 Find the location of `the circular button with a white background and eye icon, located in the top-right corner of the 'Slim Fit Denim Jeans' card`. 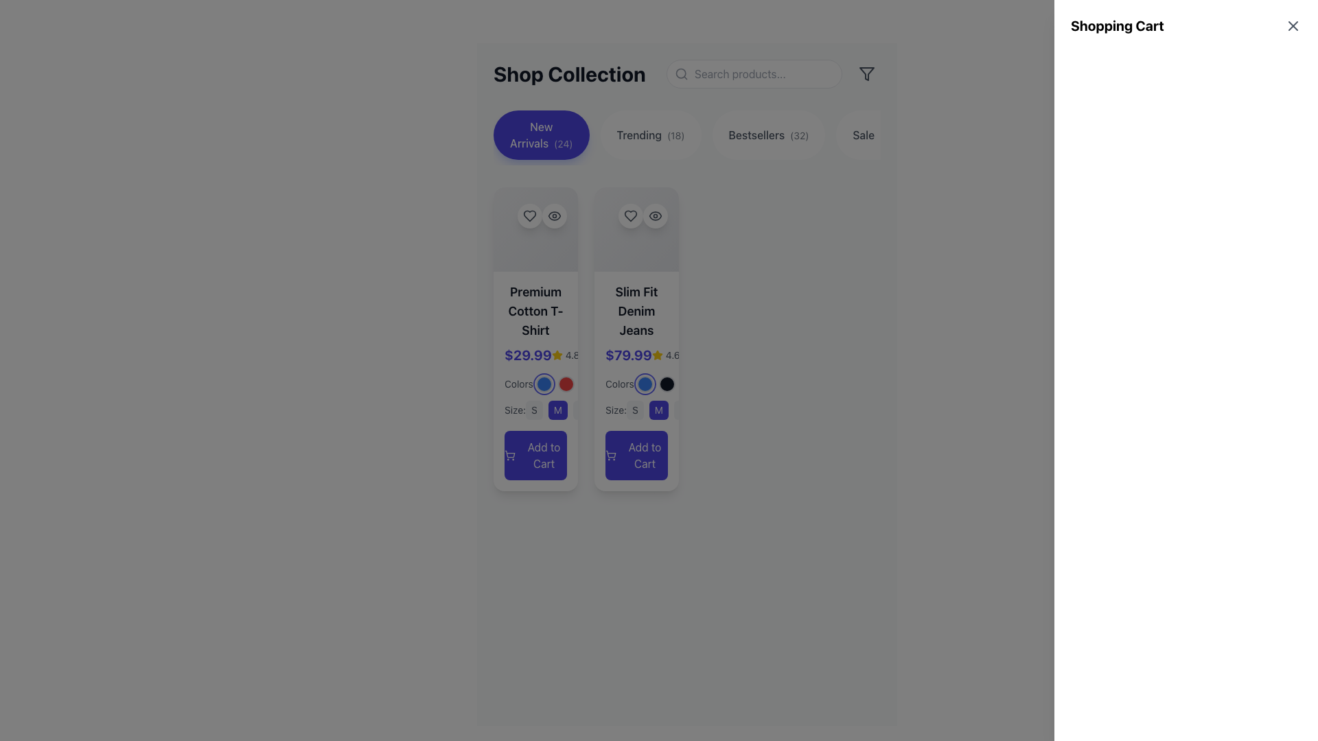

the circular button with a white background and eye icon, located in the top-right corner of the 'Slim Fit Denim Jeans' card is located at coordinates (655, 216).